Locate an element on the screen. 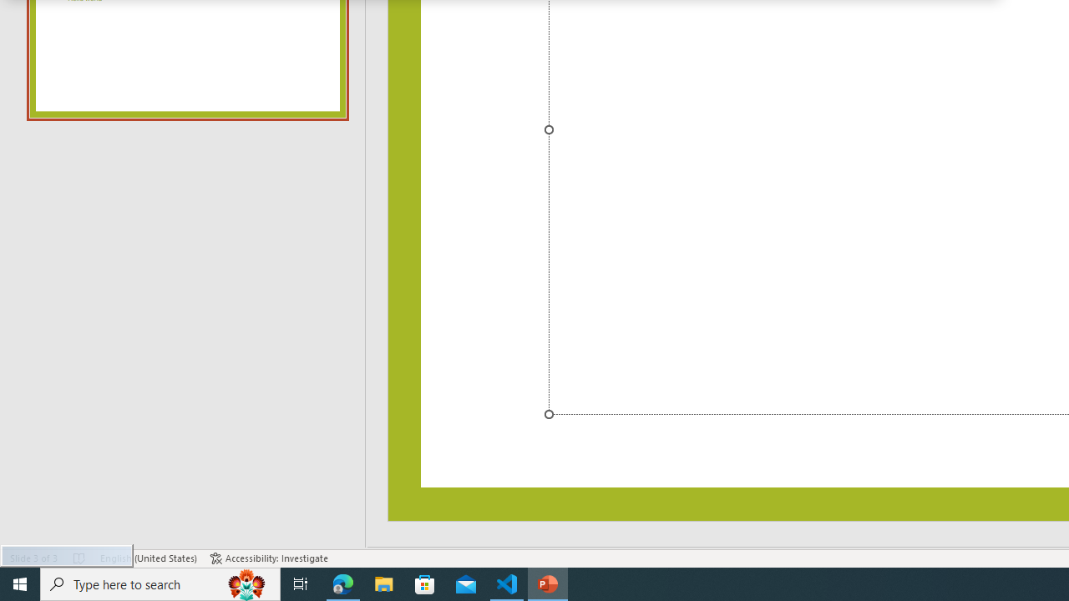 This screenshot has height=601, width=1069. 'Start' is located at coordinates (20, 583).